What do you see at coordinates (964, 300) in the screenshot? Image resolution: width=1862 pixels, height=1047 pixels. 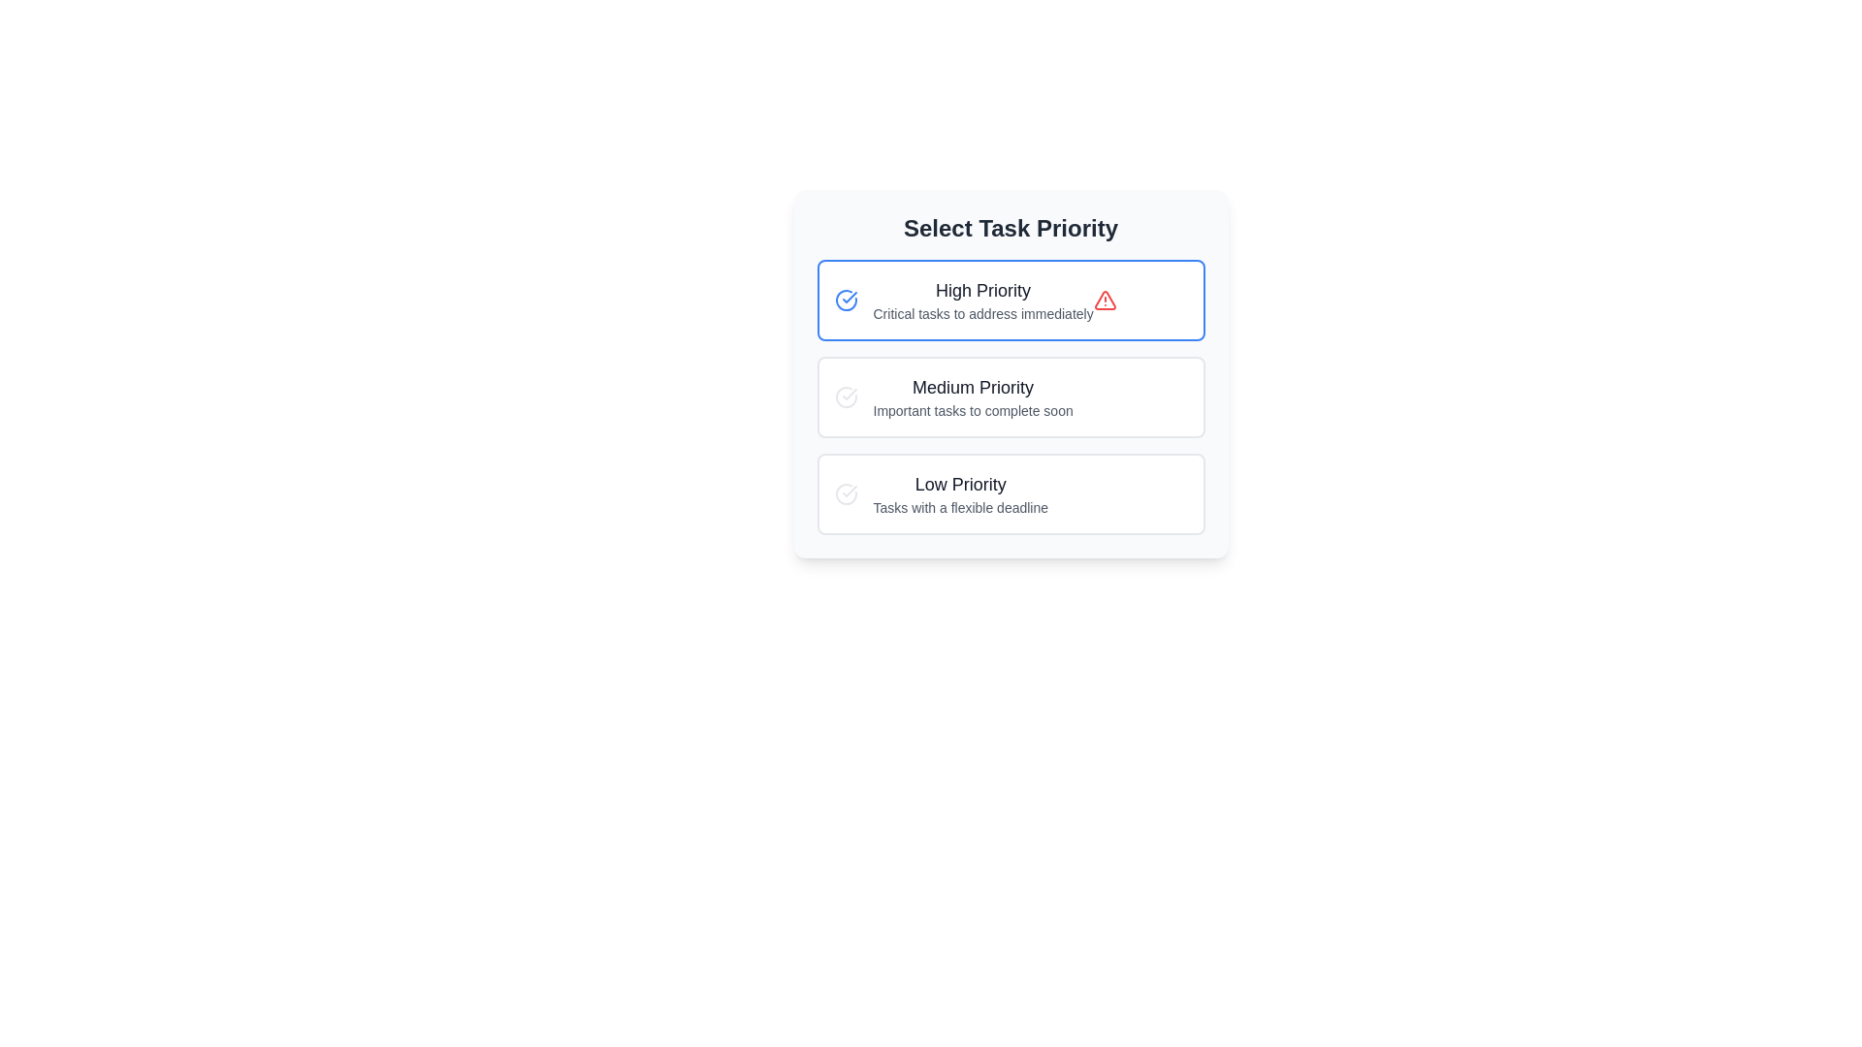 I see `the 'High Priority' text element that has a bold heading and a smaller subtitle indicating critical tasks, positioned within a bordered card under the title 'Select Task Priority'` at bounding box center [964, 300].